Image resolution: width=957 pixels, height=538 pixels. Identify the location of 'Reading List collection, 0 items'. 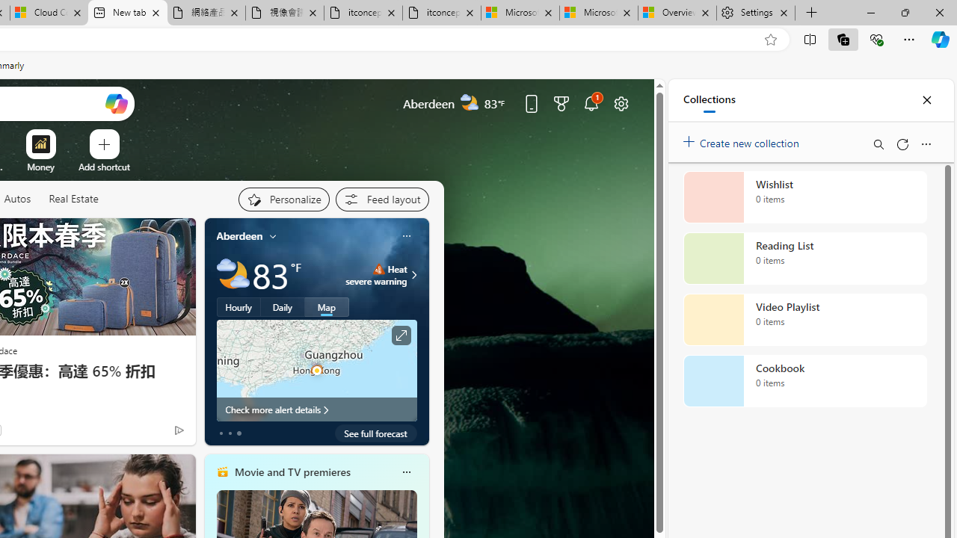
(804, 257).